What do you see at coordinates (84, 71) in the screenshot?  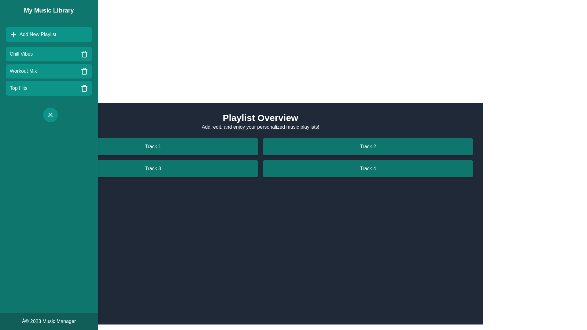 I see `the delete button located on the right side of the 'Workout Mix' playlist row in the sidebar` at bounding box center [84, 71].